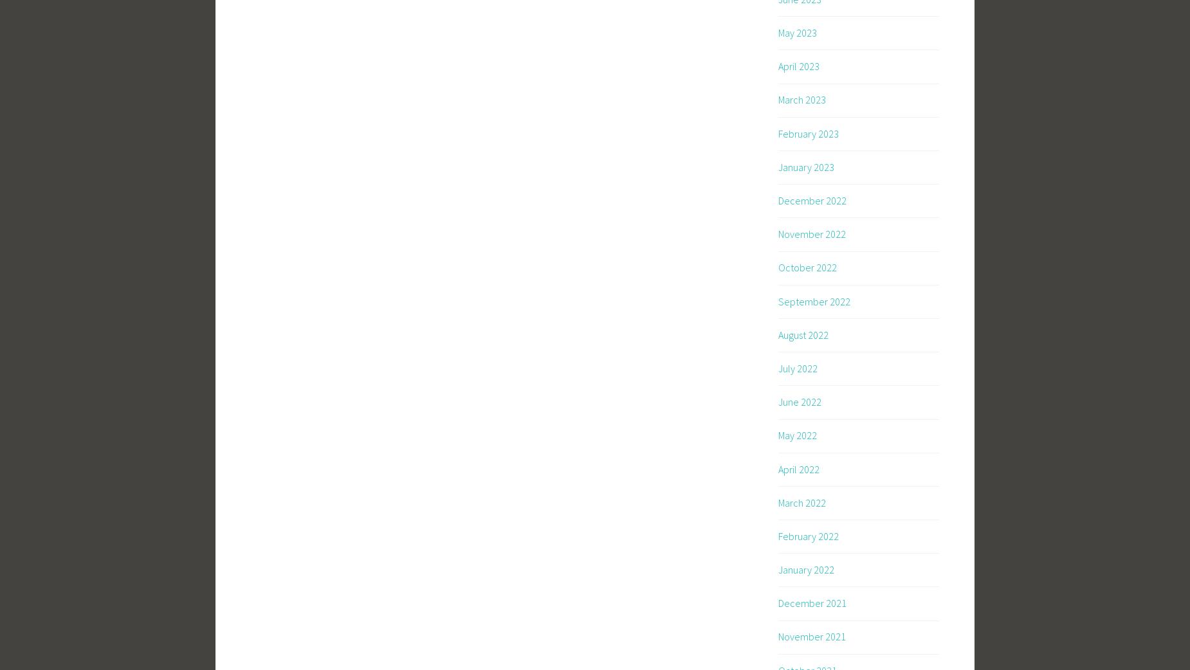  I want to click on 'December 2021', so click(811, 602).